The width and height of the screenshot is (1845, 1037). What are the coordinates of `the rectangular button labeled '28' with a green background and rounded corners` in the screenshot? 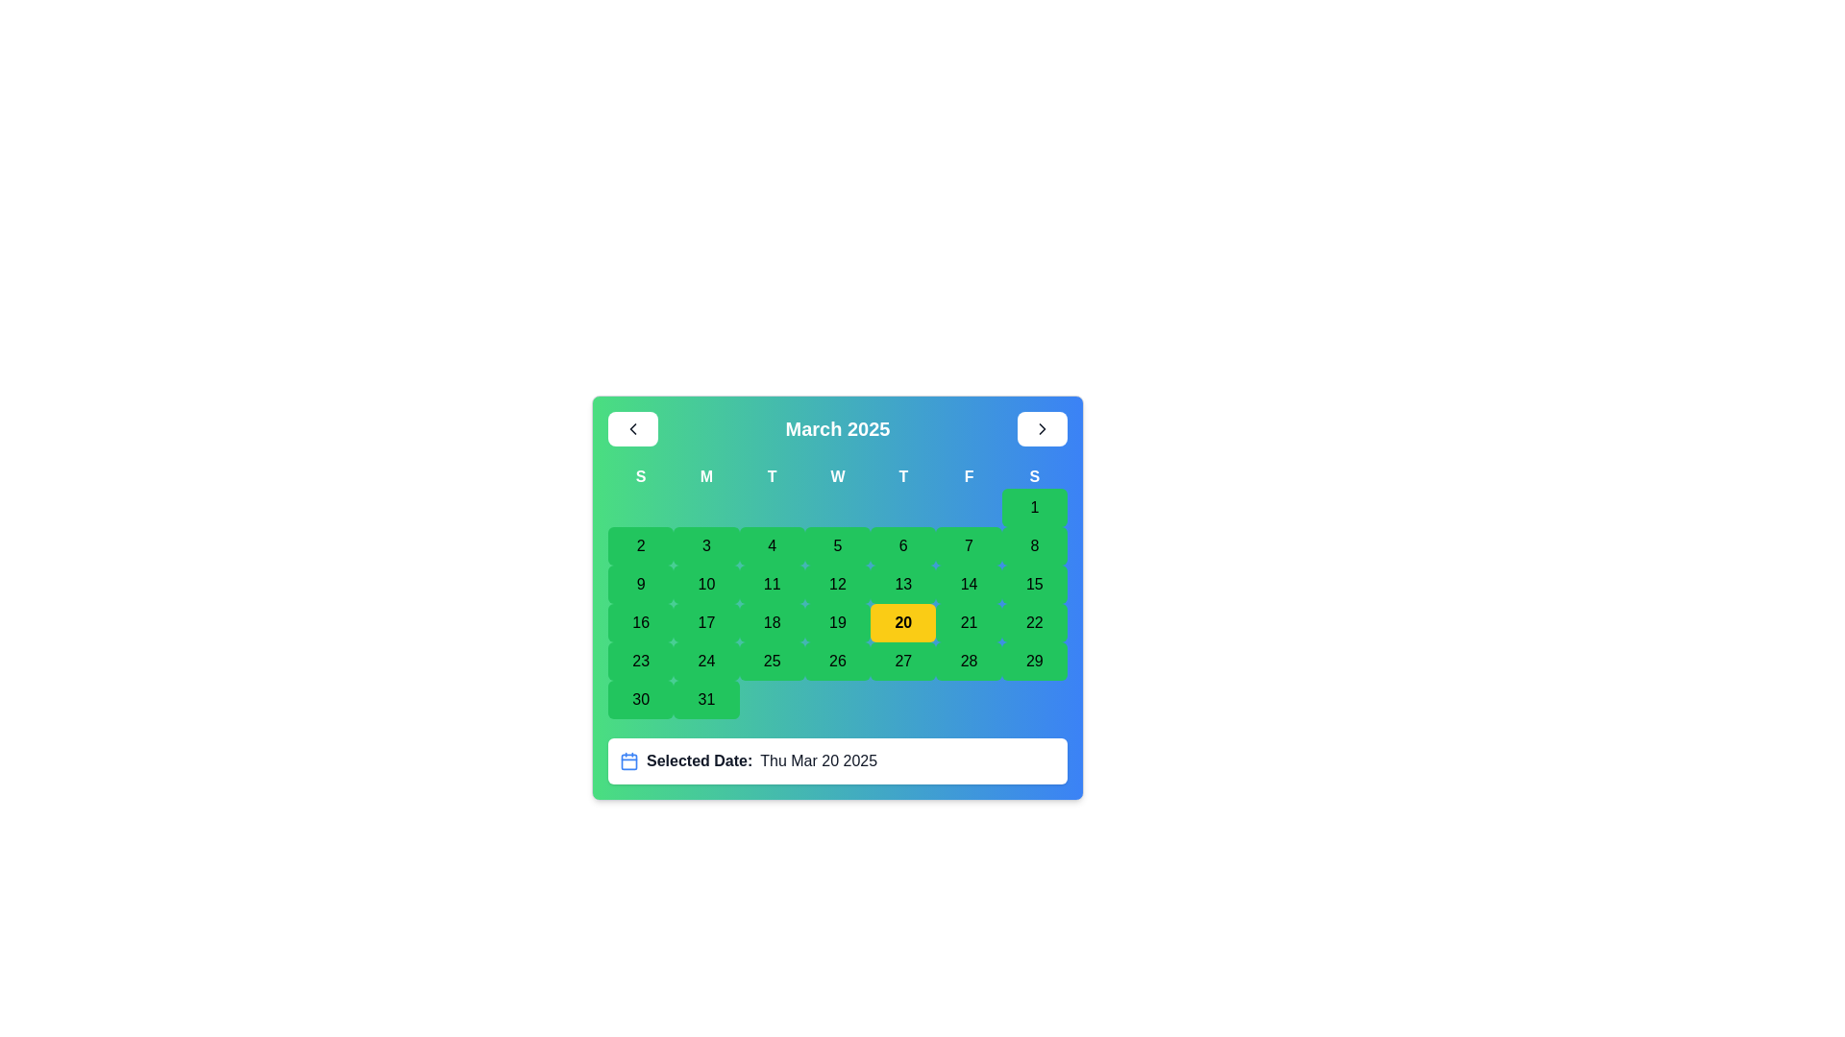 It's located at (969, 661).